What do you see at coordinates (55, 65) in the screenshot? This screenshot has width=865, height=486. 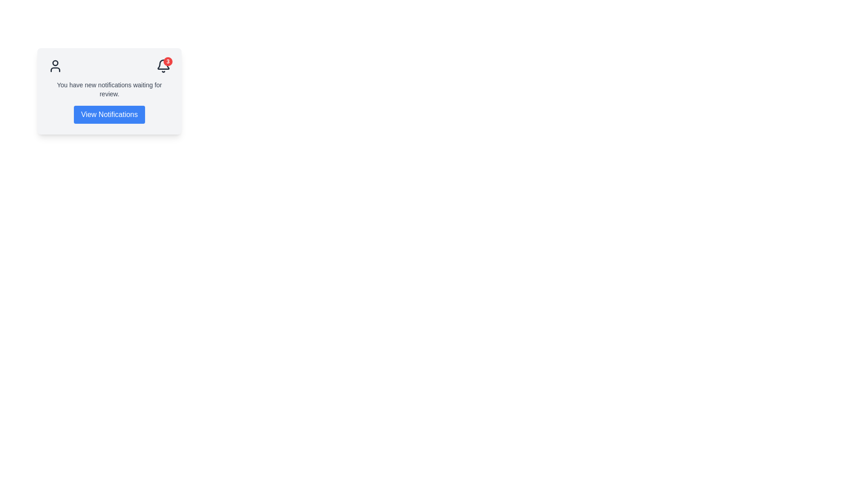 I see `the SVG icon representing a user located in the top left portion of a notification card, which aligns horizontally with another icon and is above the main notification text` at bounding box center [55, 65].